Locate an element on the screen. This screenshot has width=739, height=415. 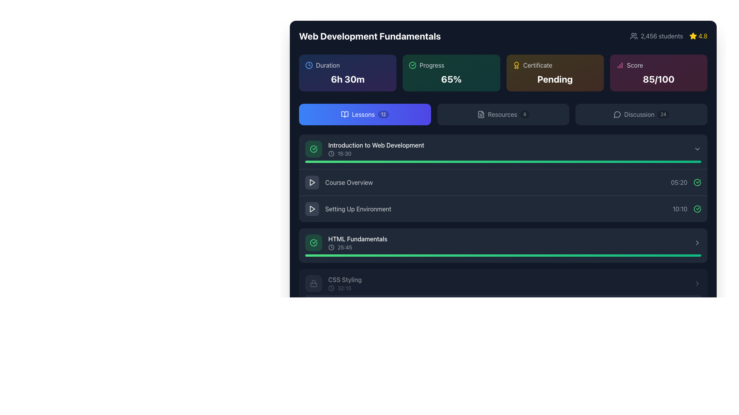
the text label reading 'HTML Fundamentals' which is styled in white font on a dark background, indicating an active state, located within a lesson interface is located at coordinates (357, 238).